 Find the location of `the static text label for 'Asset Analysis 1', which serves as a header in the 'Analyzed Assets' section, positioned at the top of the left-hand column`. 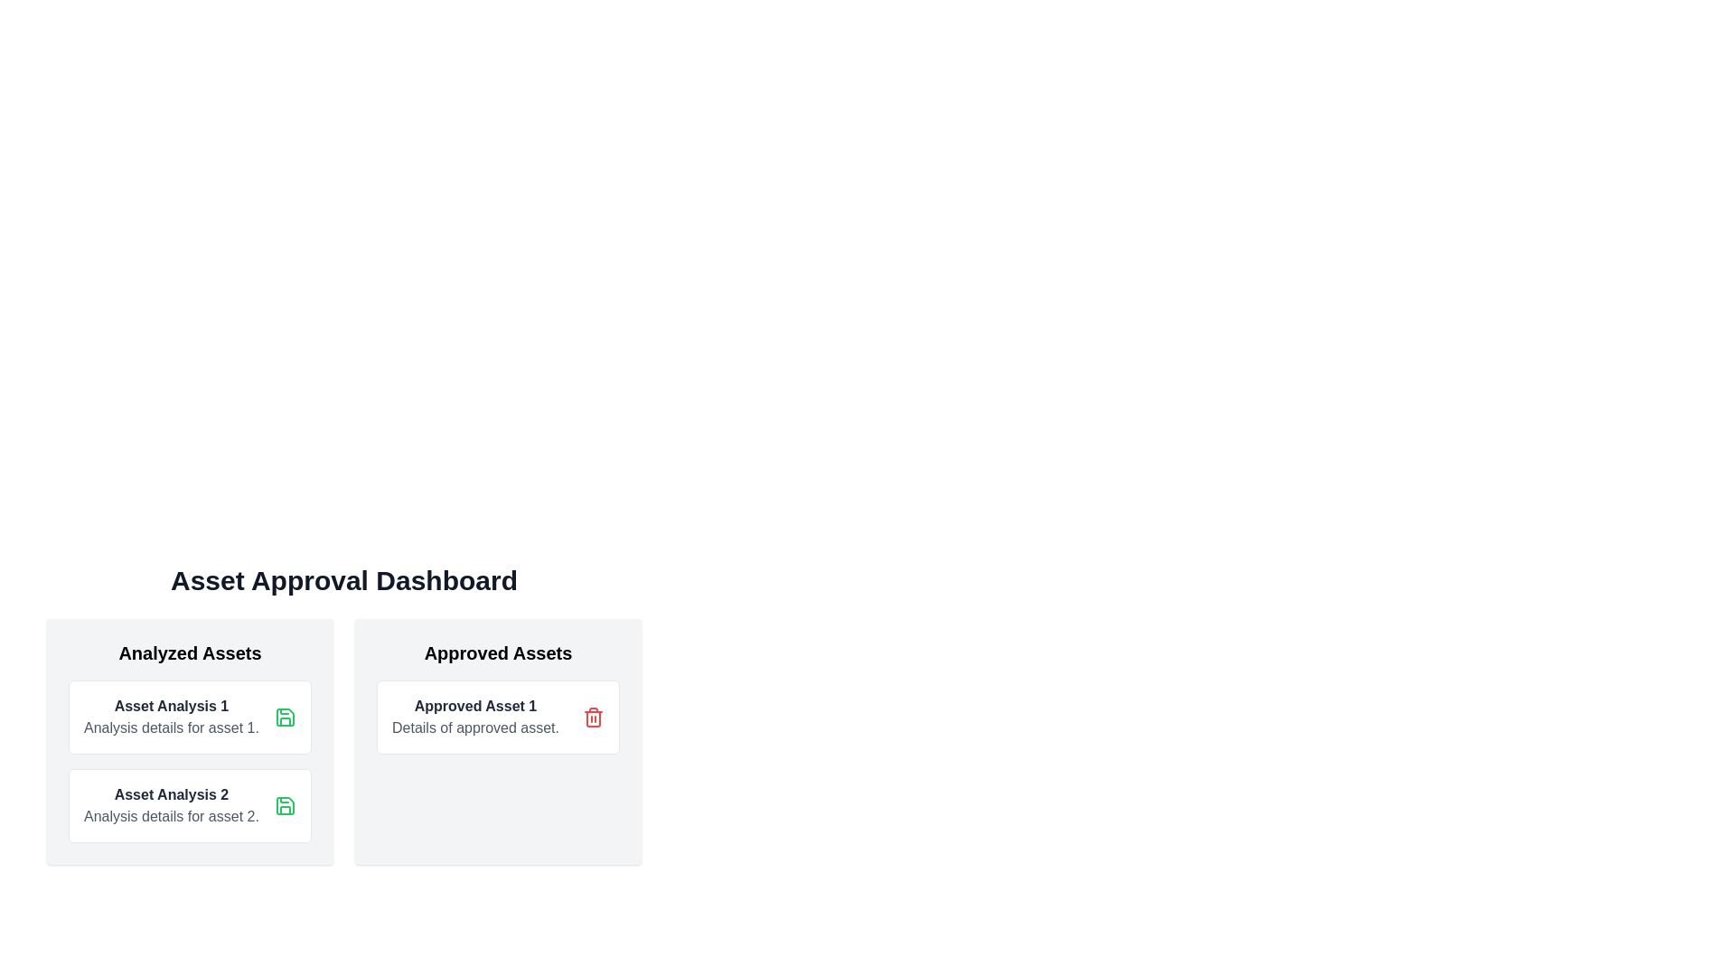

the static text label for 'Asset Analysis 1', which serves as a header in the 'Analyzed Assets' section, positioned at the top of the left-hand column is located at coordinates (171, 706).